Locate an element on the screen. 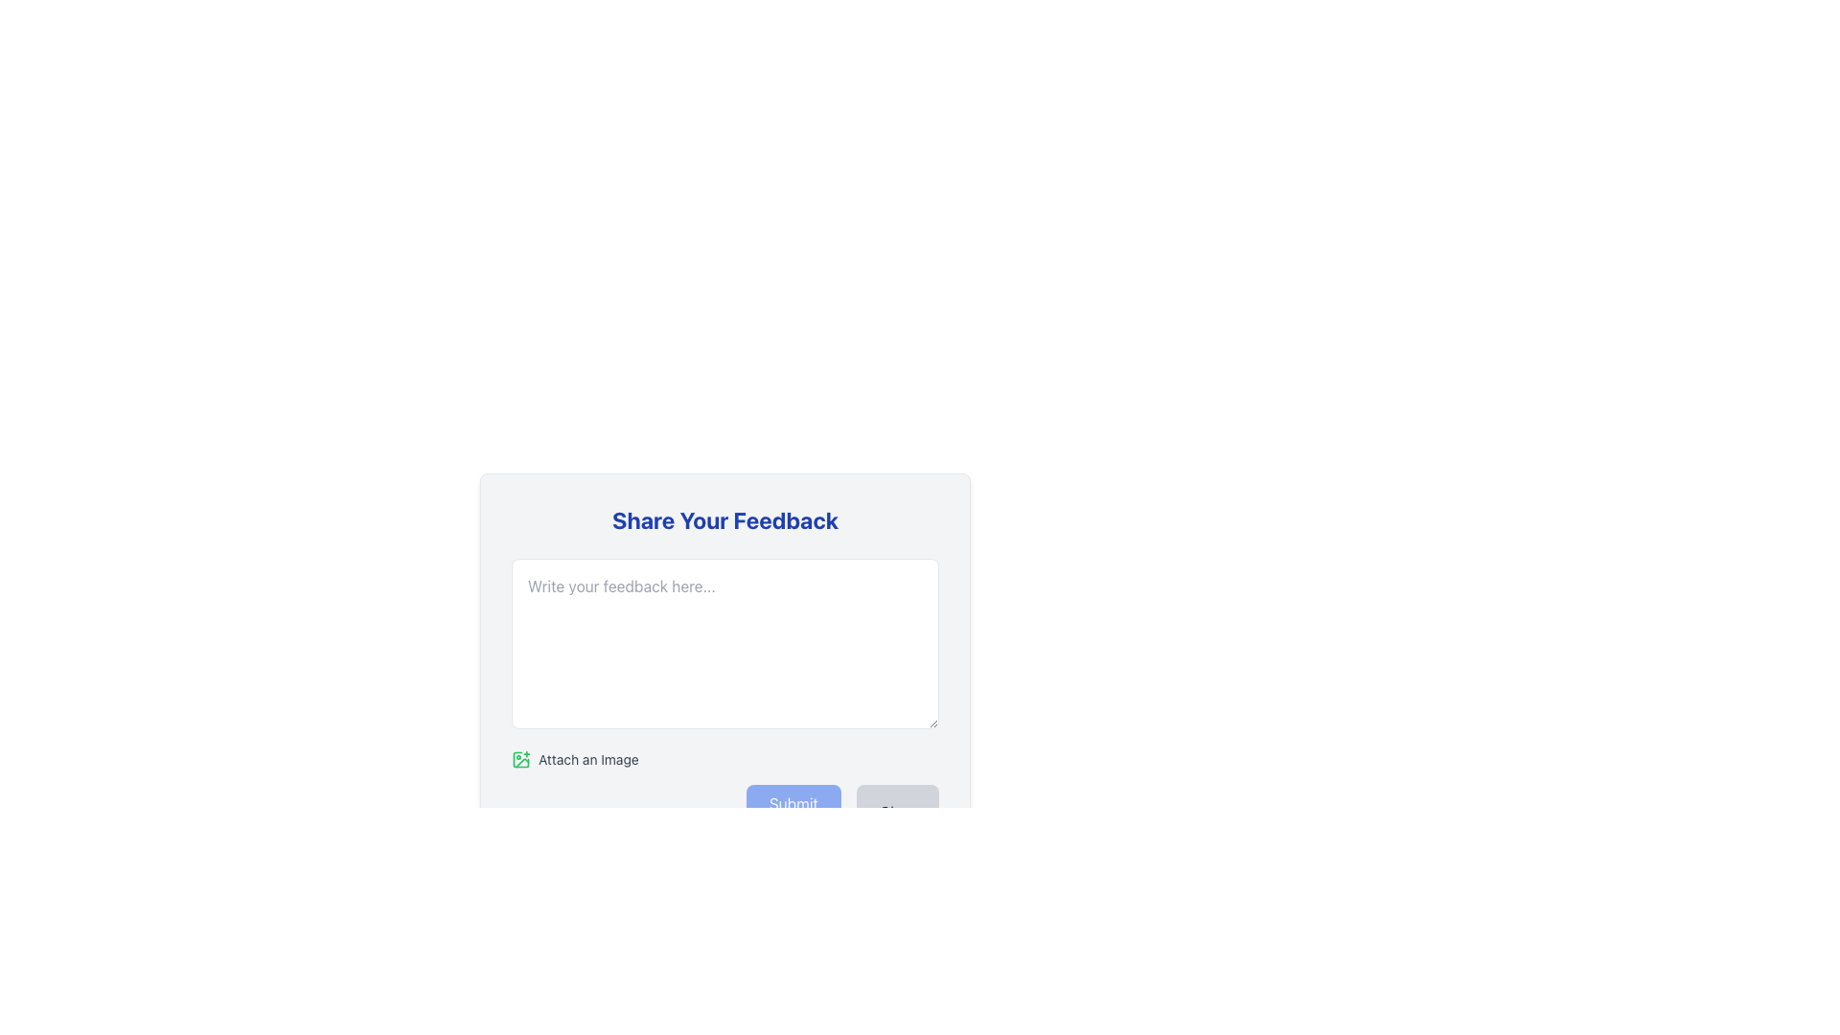 Image resolution: width=1840 pixels, height=1035 pixels. the 'Submit' button within the button group at the bottom-right of the feedback form is located at coordinates (724, 813).